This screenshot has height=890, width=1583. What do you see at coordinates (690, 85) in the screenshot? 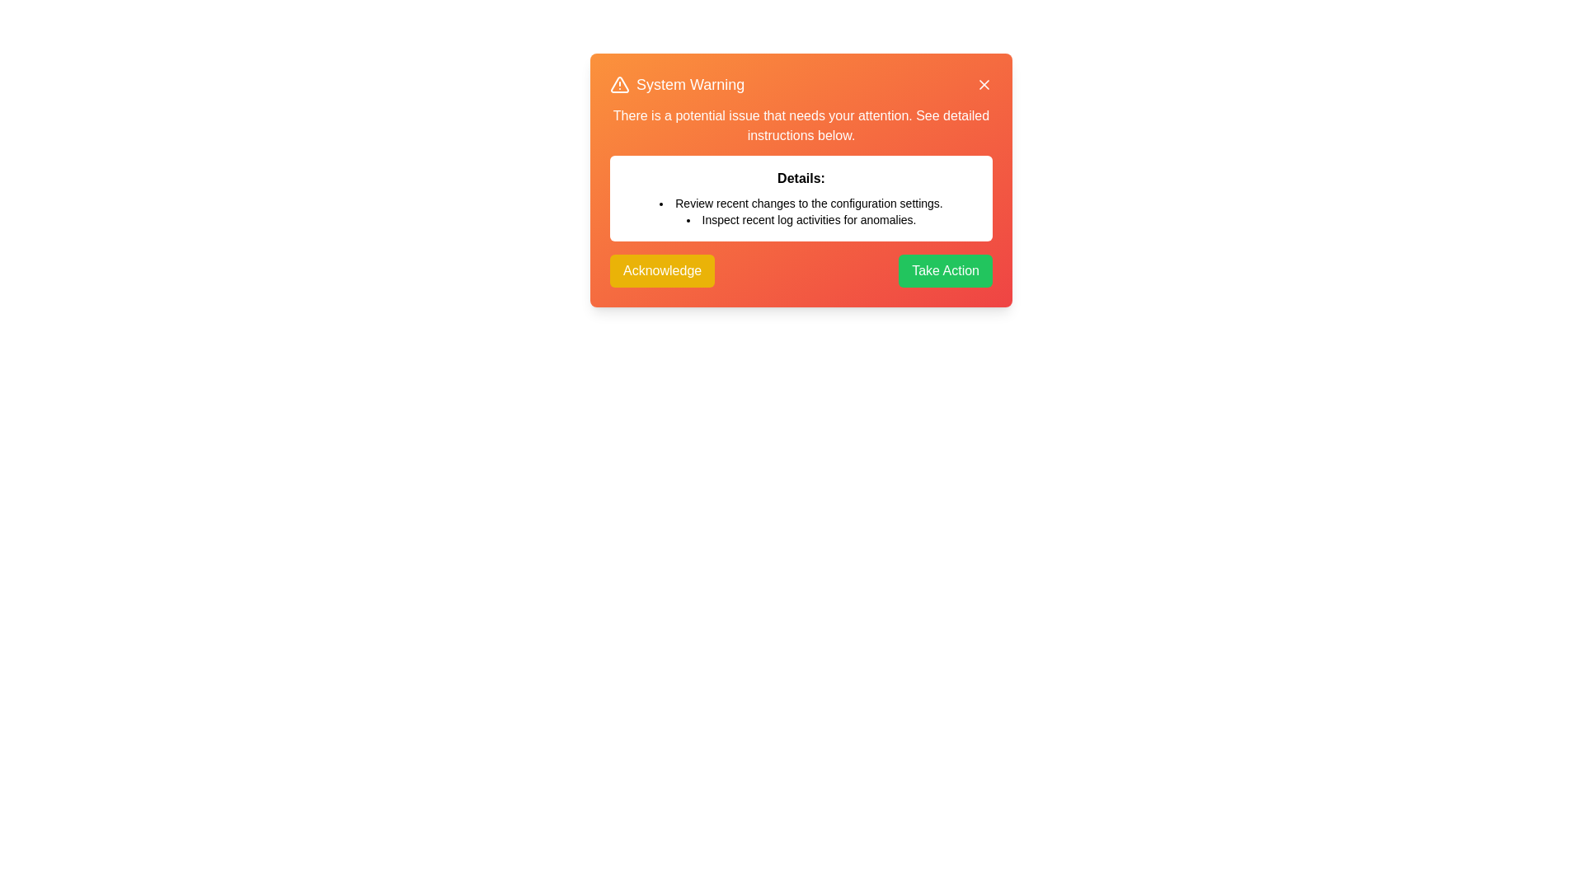
I see `the warning title text label that indicates a system-related issue, located at the top-left corner of the notification panel` at bounding box center [690, 85].